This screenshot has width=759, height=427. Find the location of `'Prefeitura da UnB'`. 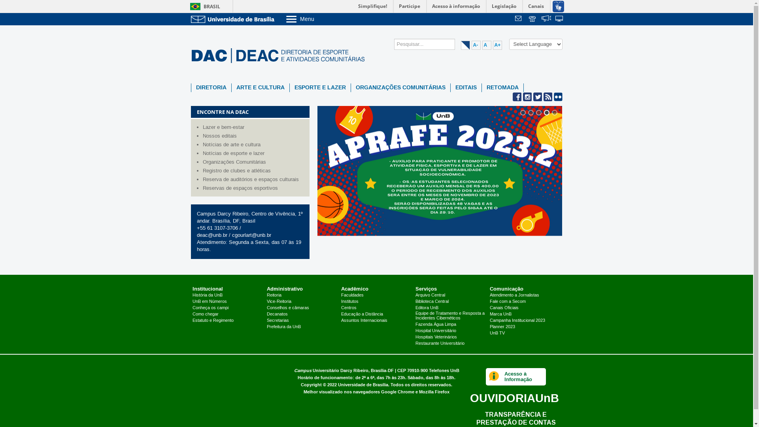

'Prefeitura da UnB' is located at coordinates (284, 327).